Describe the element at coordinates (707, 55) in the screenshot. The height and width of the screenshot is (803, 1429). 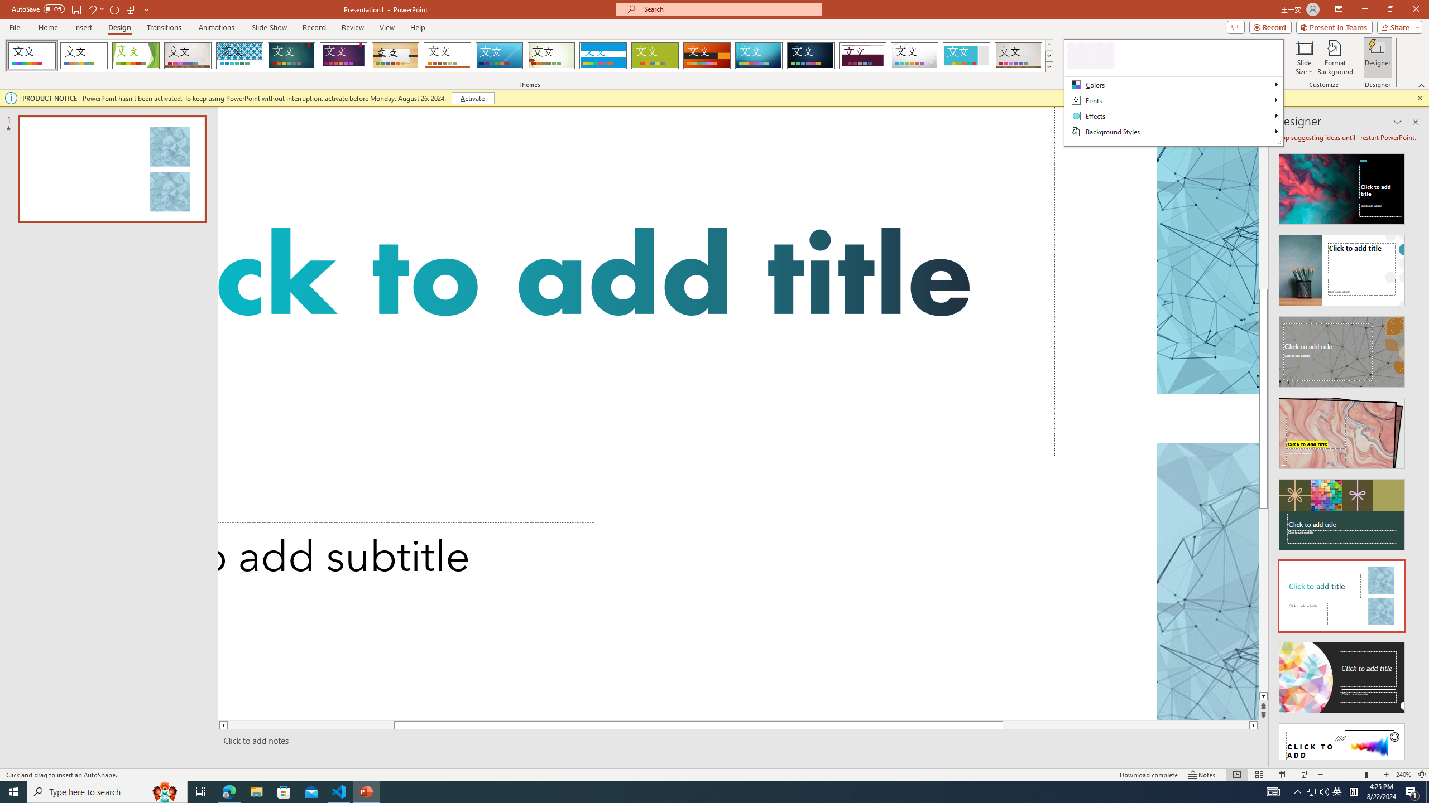
I see `'Berlin'` at that location.